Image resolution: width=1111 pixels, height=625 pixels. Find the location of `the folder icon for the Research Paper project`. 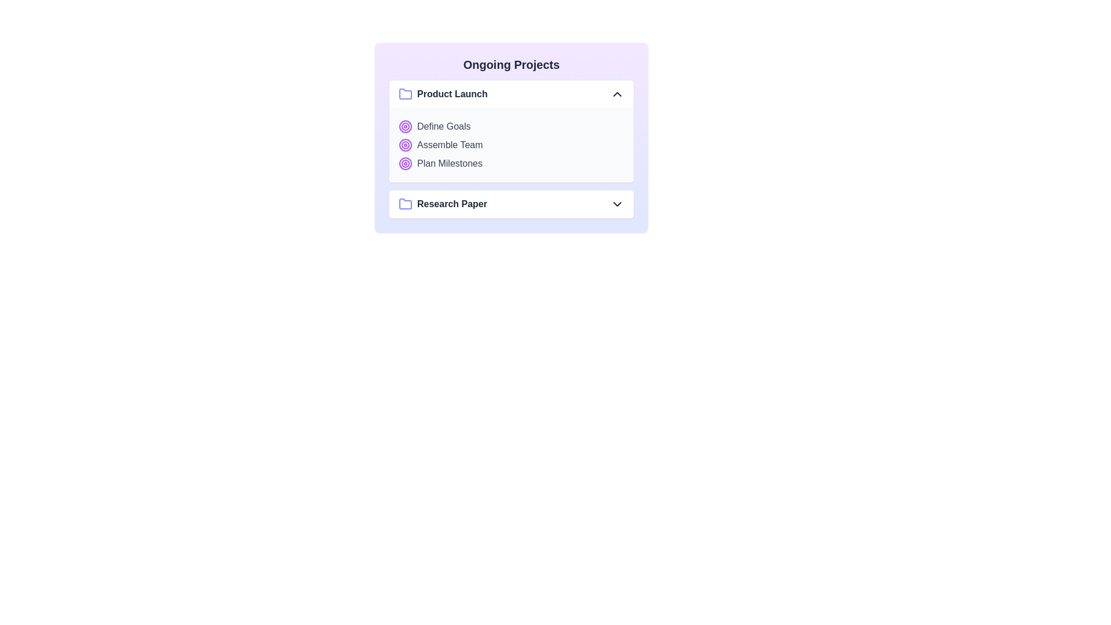

the folder icon for the Research Paper project is located at coordinates (405, 204).